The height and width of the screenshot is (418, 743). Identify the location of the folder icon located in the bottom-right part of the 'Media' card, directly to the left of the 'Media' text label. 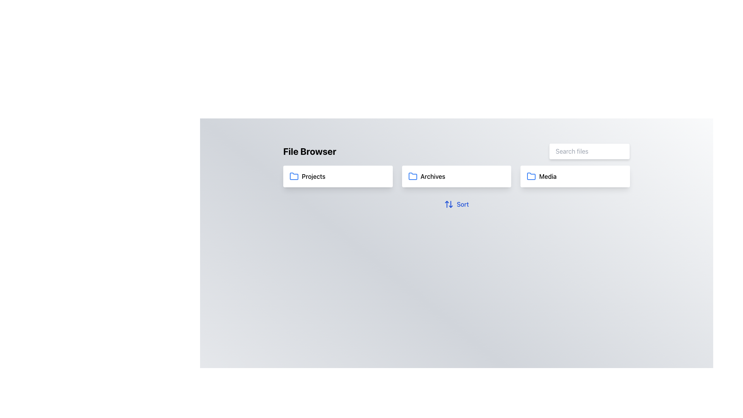
(531, 176).